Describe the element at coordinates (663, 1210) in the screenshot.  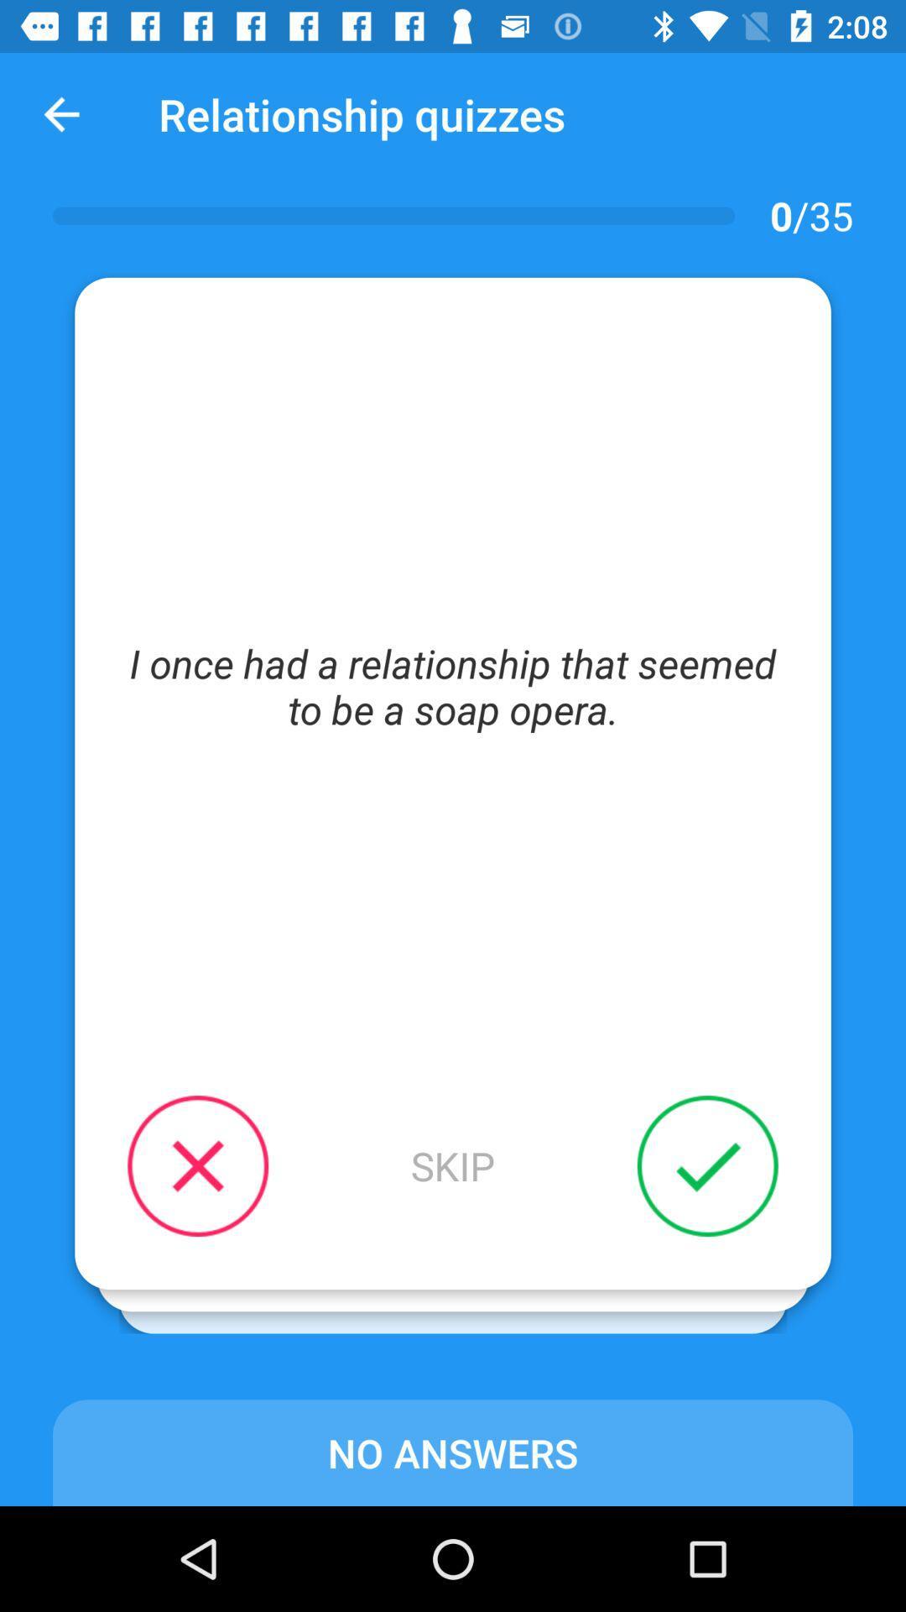
I see `the check icon` at that location.